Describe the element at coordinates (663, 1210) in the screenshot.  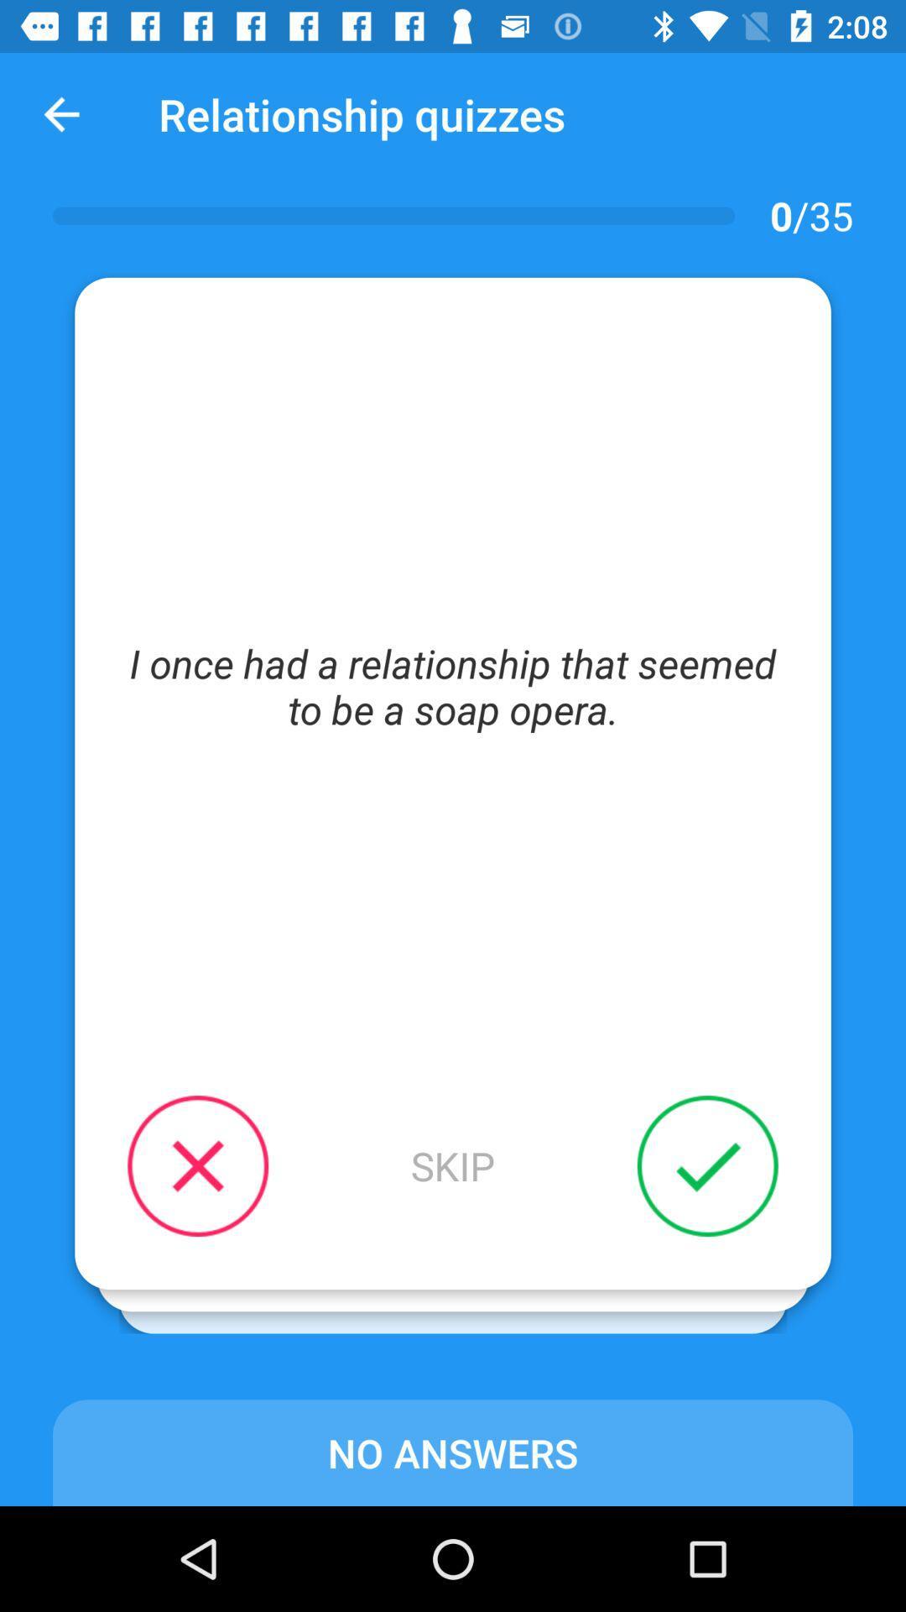
I see `the check icon` at that location.